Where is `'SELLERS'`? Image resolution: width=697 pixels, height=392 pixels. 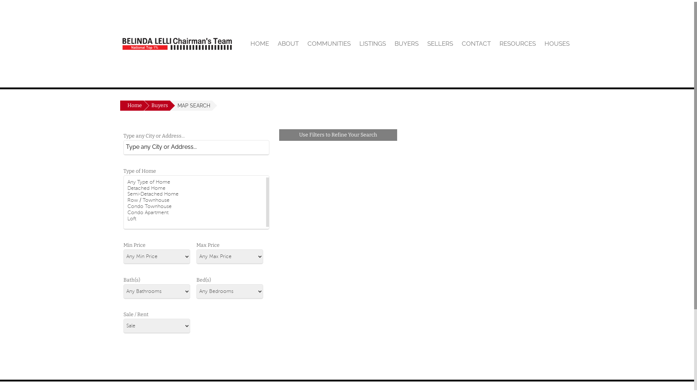 'SELLERS' is located at coordinates (440, 43).